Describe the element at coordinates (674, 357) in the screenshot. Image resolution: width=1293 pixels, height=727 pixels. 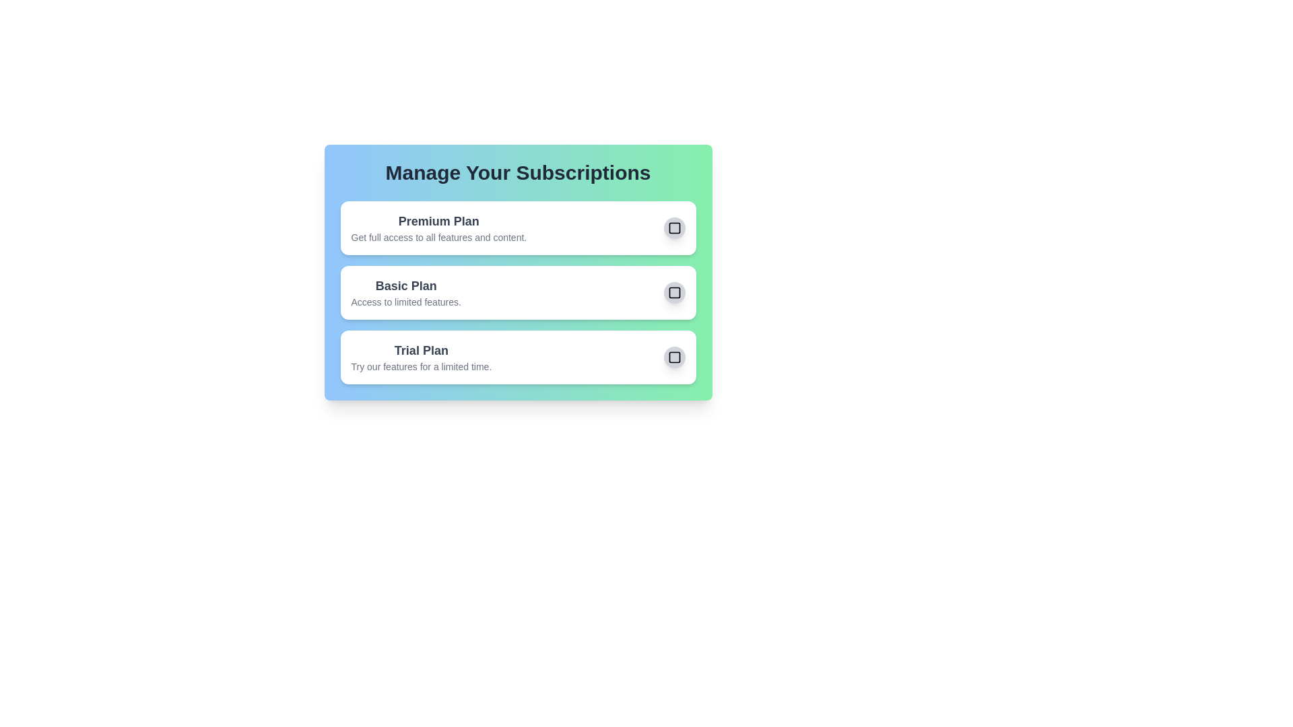
I see `the checkbox icon for the 'Trial Plan'` at that location.